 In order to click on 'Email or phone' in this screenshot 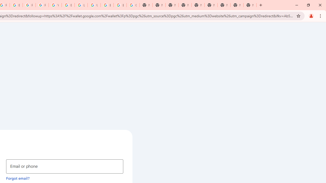, I will do `click(64, 166)`.